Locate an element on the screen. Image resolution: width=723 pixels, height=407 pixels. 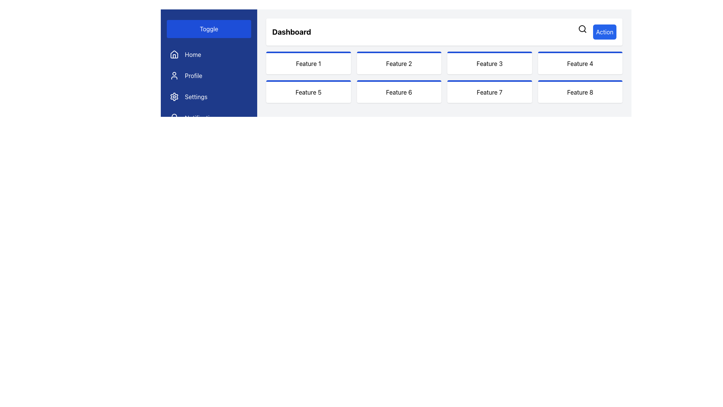
the rectangular white card with a blue top border labeled 'Feature 5', which is the fifth card in a grid layout, positioned in the first column of the second row is located at coordinates (308, 91).